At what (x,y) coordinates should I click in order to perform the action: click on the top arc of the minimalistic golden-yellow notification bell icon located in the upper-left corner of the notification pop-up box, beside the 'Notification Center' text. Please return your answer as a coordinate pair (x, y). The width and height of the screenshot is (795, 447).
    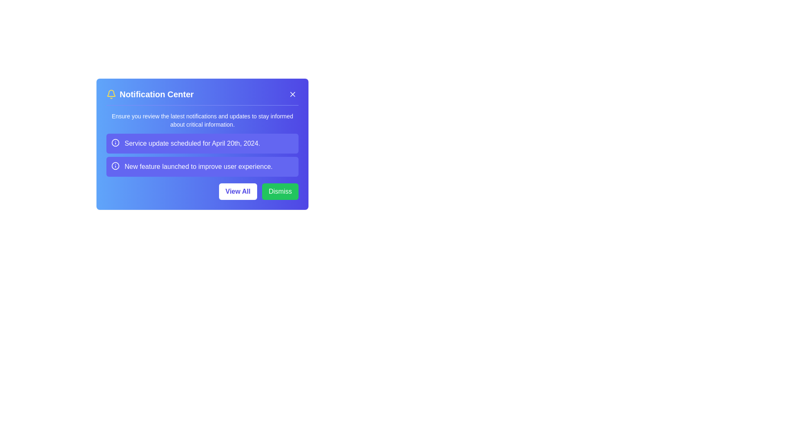
    Looking at the image, I should click on (111, 93).